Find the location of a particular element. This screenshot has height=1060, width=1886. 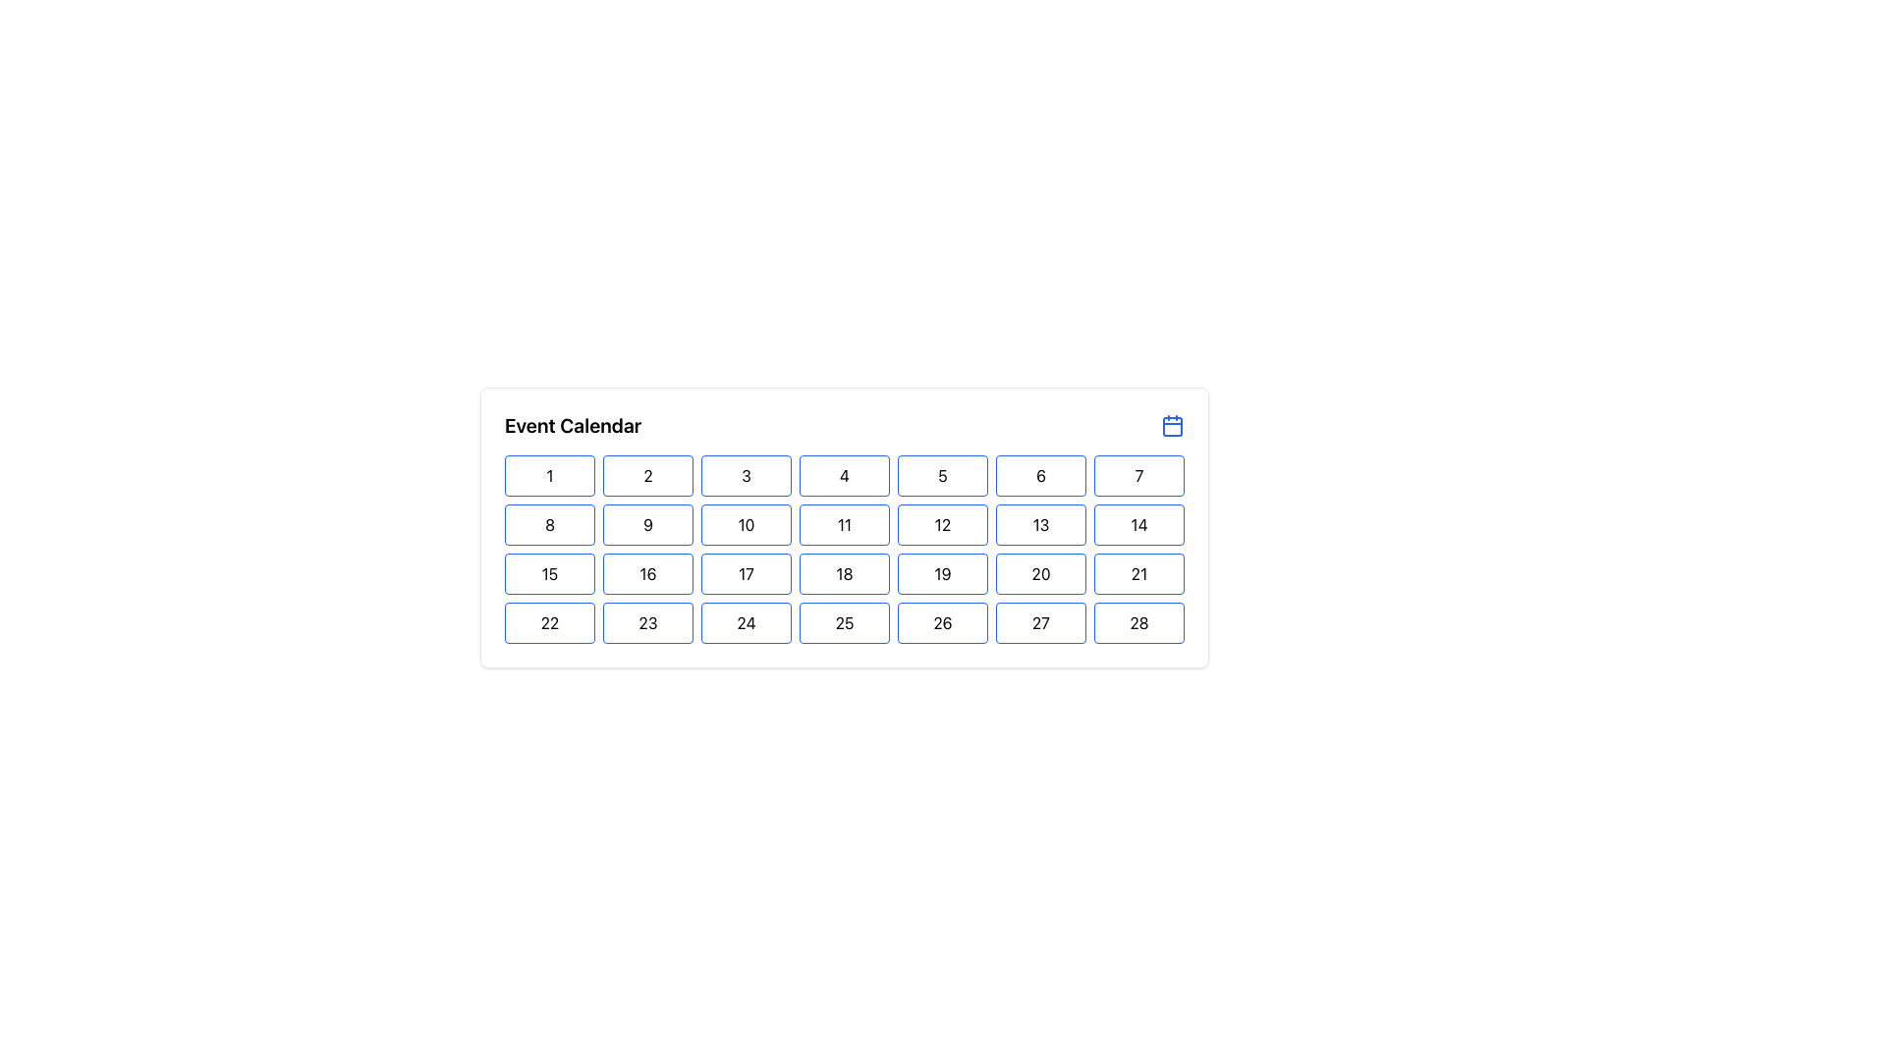

the selectable button for choosing the date '4' in the calendar interface located within the 'Event Calendar' grid is located at coordinates (844, 476).